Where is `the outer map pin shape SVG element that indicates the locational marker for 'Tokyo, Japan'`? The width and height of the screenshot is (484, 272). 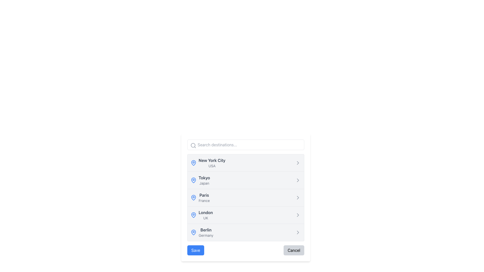
the outer map pin shape SVG element that indicates the locational marker for 'Tokyo, Japan' is located at coordinates (193, 180).